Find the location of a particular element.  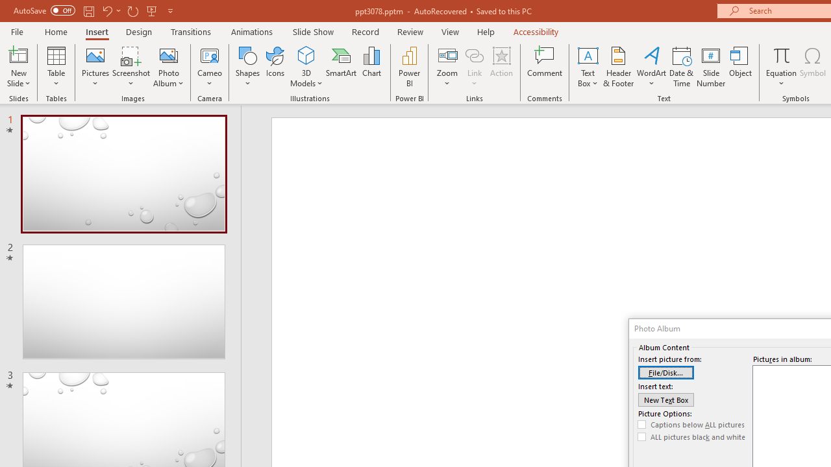

'WordArt' is located at coordinates (652, 67).